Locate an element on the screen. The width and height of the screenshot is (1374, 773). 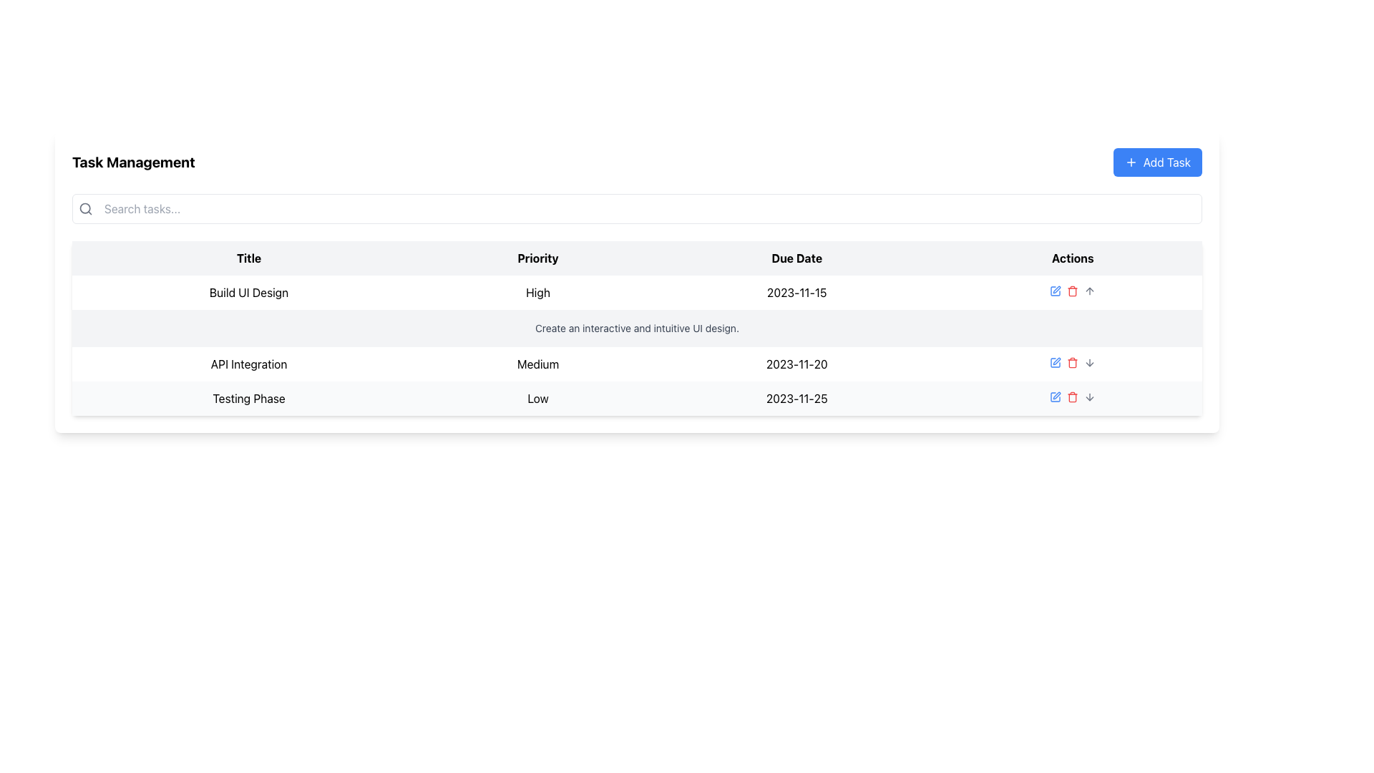
the static text cell displaying the message 'Create an interactive and intuitive UI design.' located in the second row of the table under the 'Tasks' section in the 'Details' column is located at coordinates (636, 329).